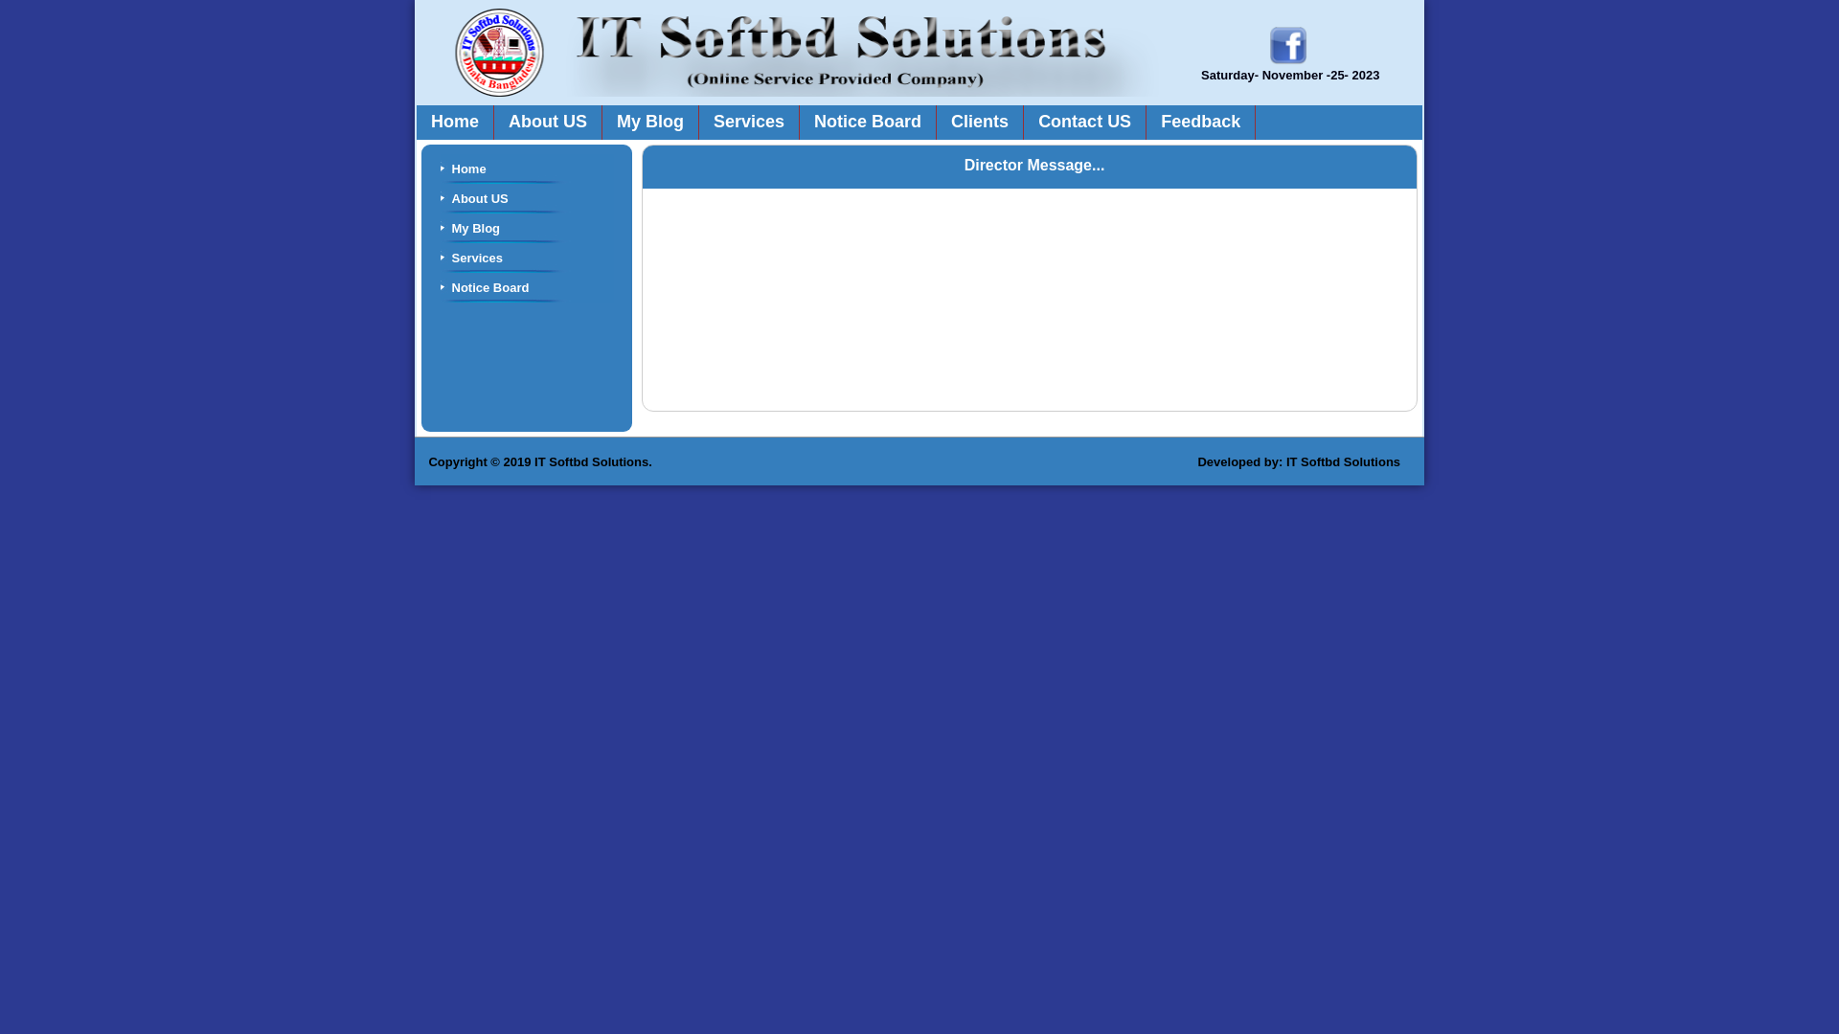  I want to click on 'Contact US', so click(1084, 122).